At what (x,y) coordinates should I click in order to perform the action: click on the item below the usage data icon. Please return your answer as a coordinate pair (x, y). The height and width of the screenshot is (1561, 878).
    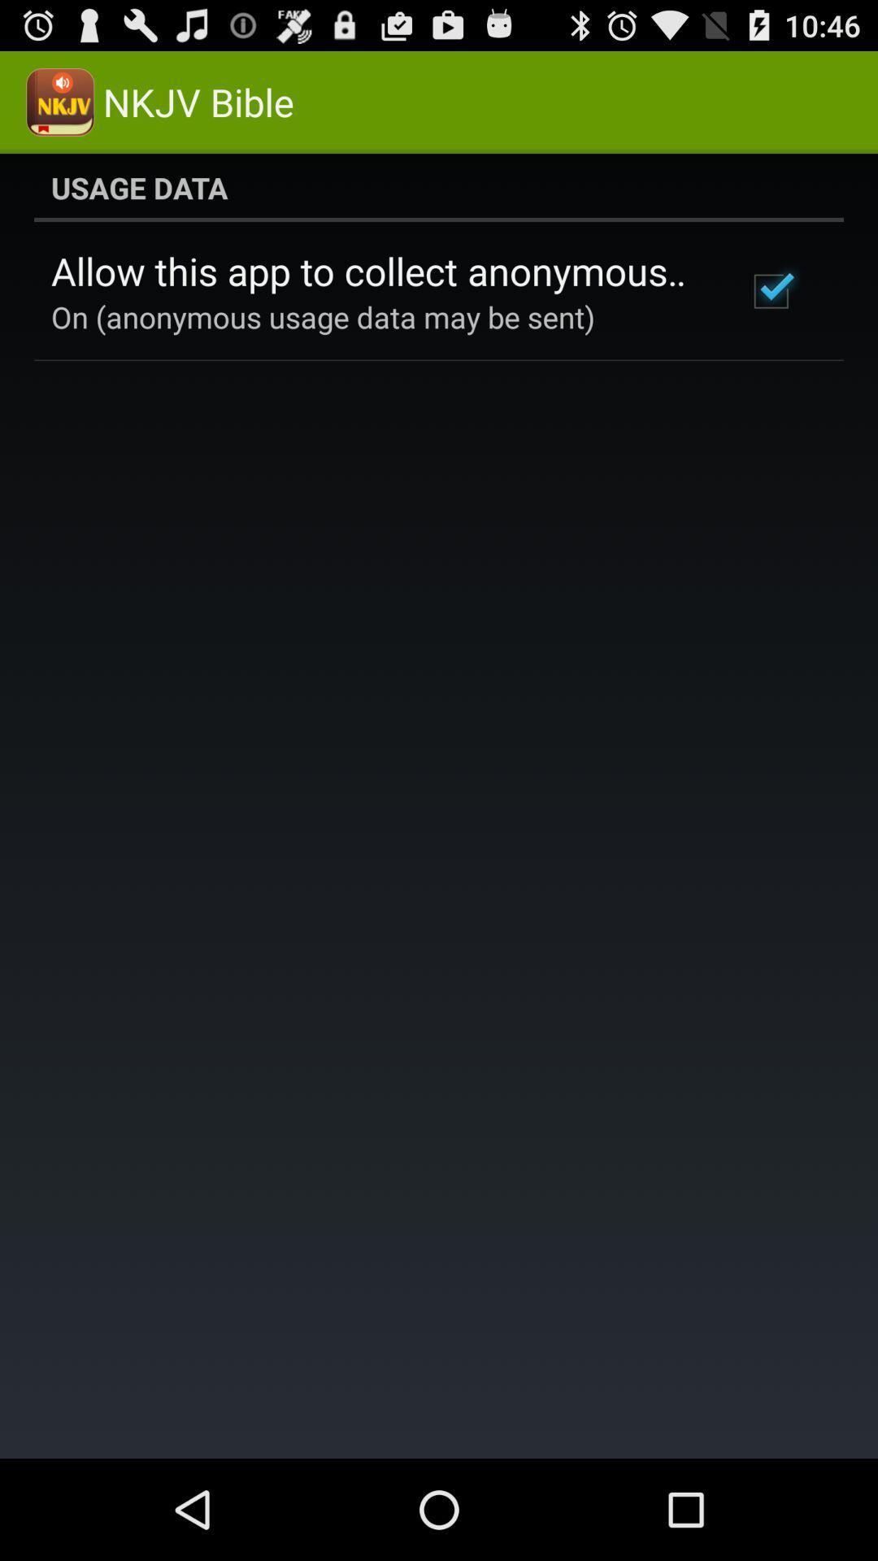
    Looking at the image, I should click on (376, 271).